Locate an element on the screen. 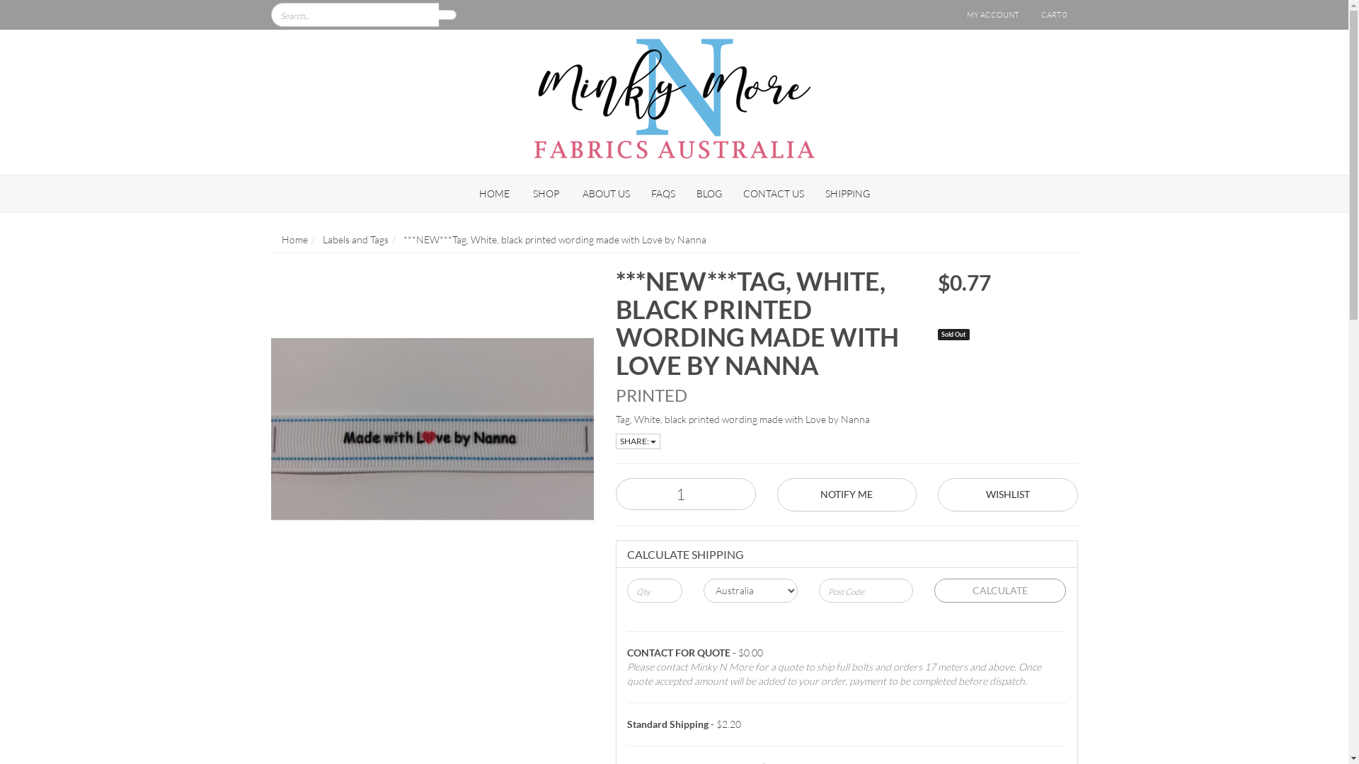 Image resolution: width=1359 pixels, height=764 pixels. 'CART 0' is located at coordinates (1053, 14).